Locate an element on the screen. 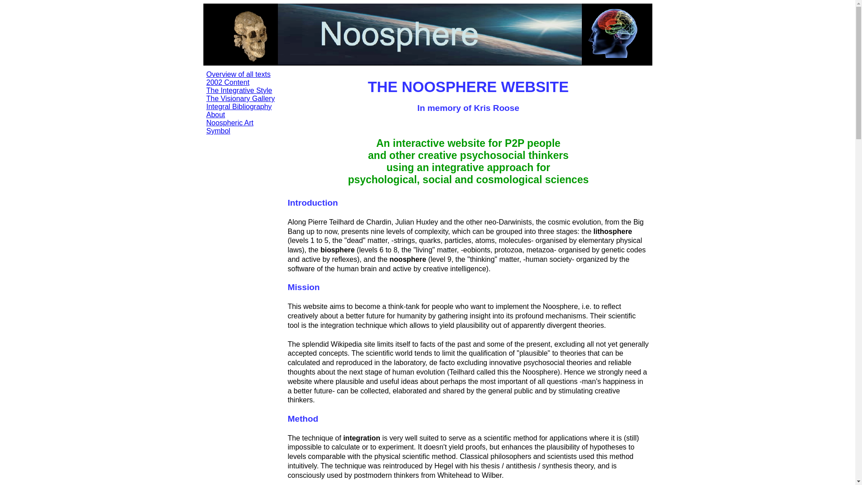 This screenshot has width=862, height=485. 'Overview of all texts' is located at coordinates (238, 74).